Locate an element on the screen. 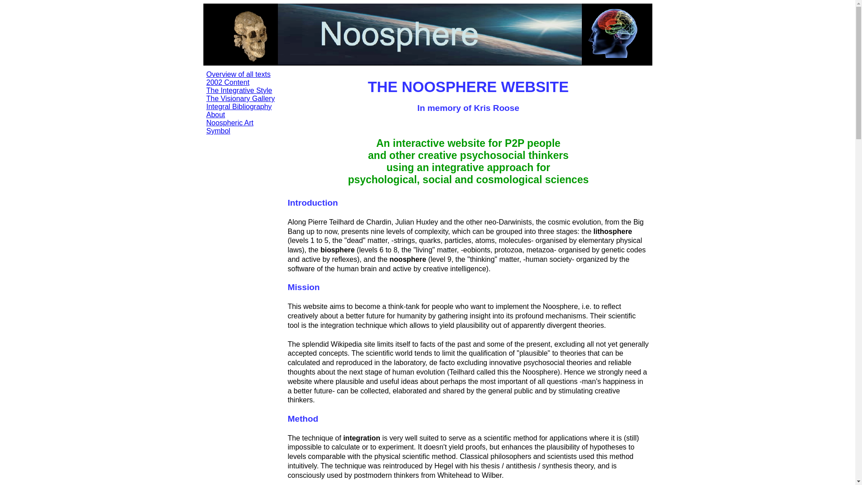 This screenshot has width=862, height=485. 'Overview of all texts' is located at coordinates (238, 74).